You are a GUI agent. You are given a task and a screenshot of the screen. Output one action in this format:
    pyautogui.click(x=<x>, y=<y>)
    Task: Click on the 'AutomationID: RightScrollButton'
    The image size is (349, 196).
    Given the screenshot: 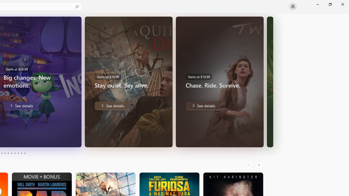 What is the action you would take?
    pyautogui.click(x=259, y=165)
    